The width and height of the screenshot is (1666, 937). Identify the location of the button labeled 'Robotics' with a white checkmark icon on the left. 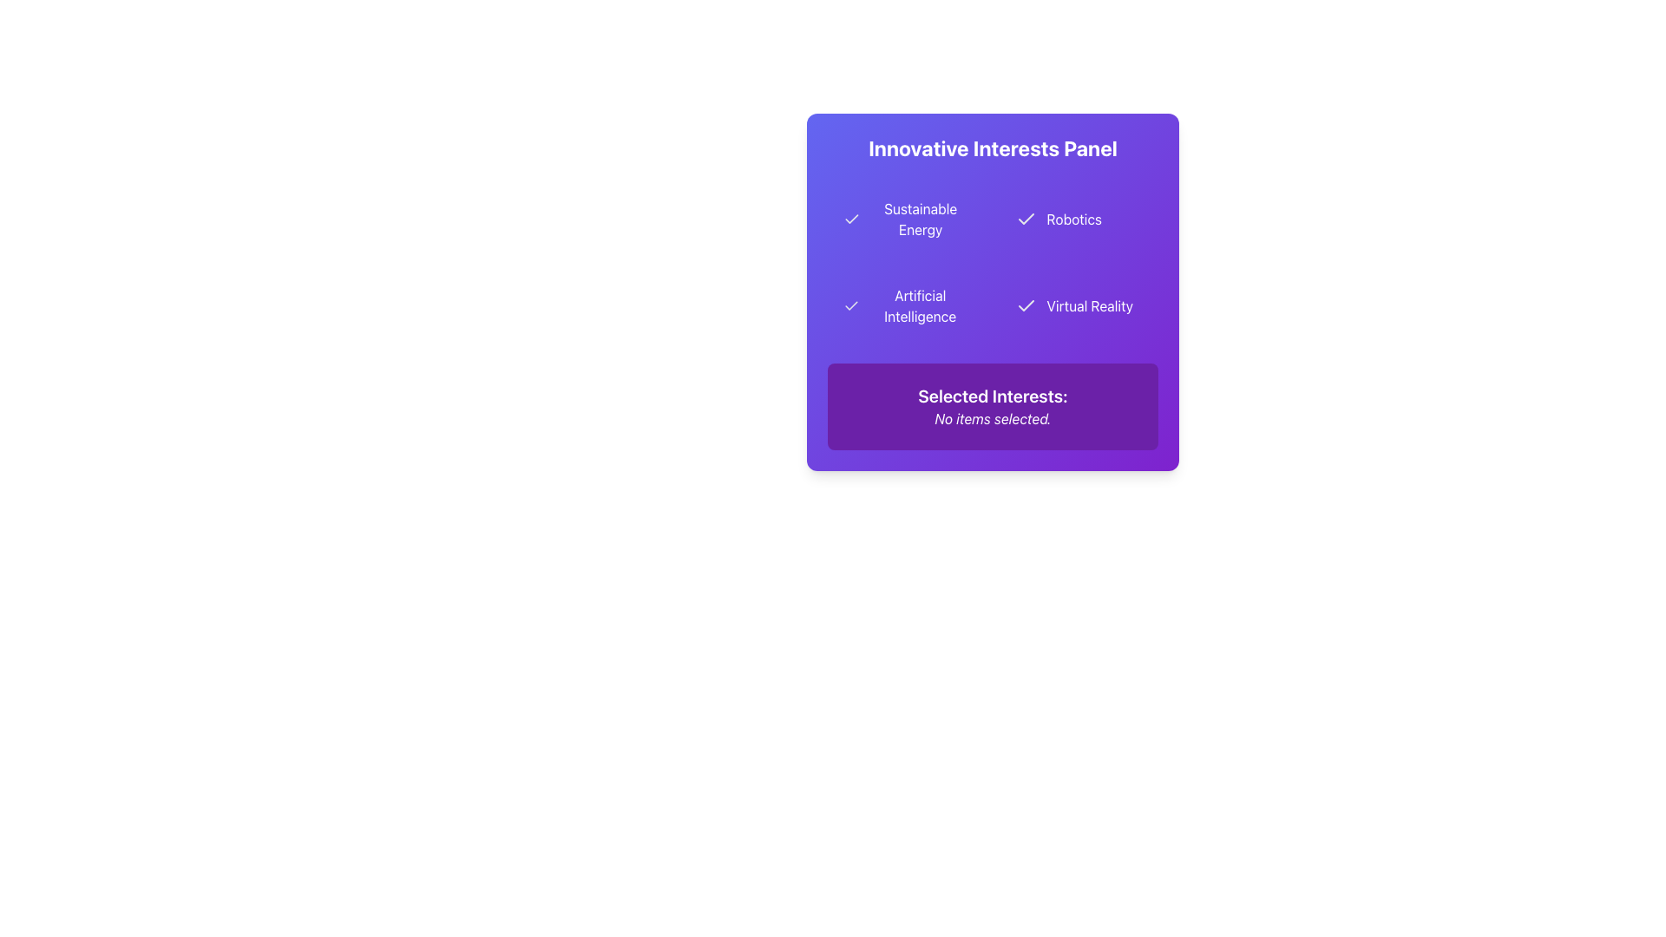
(1078, 219).